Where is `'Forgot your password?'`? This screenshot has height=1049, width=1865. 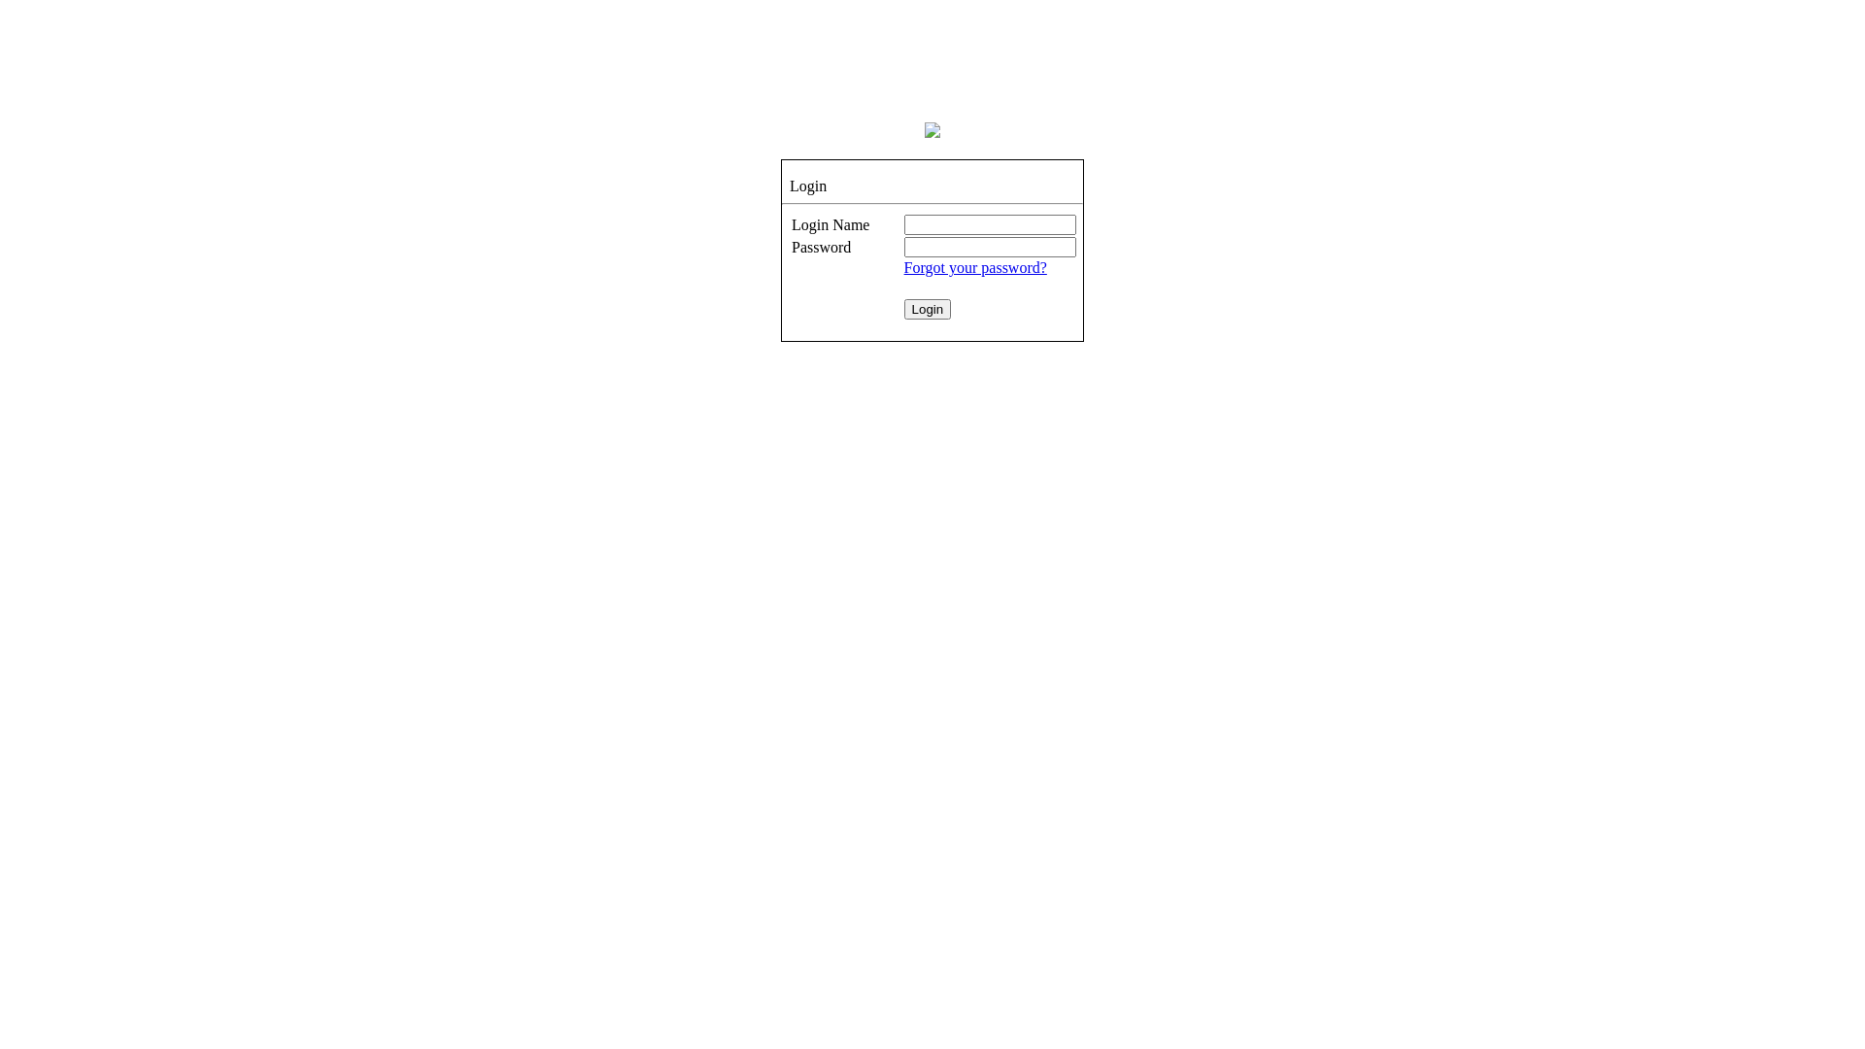 'Forgot your password?' is located at coordinates (975, 267).